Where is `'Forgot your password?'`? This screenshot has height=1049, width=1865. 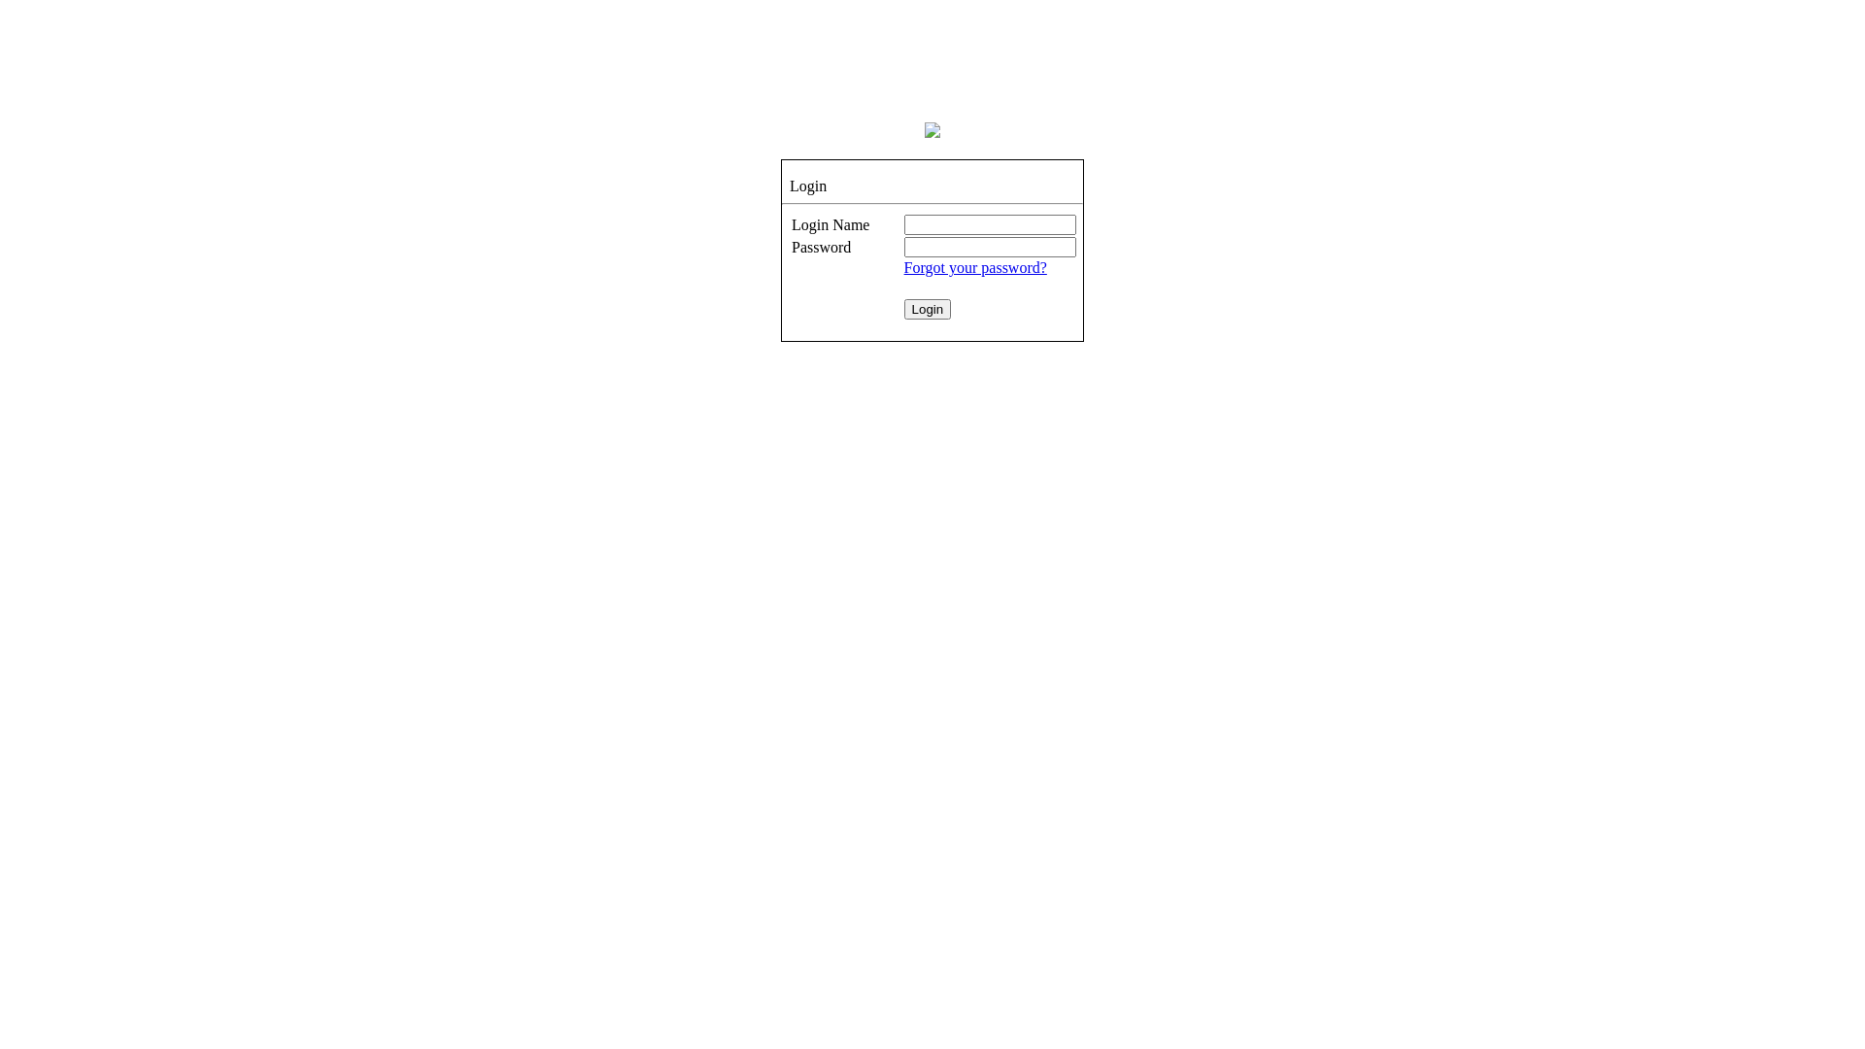 'Forgot your password?' is located at coordinates (975, 267).